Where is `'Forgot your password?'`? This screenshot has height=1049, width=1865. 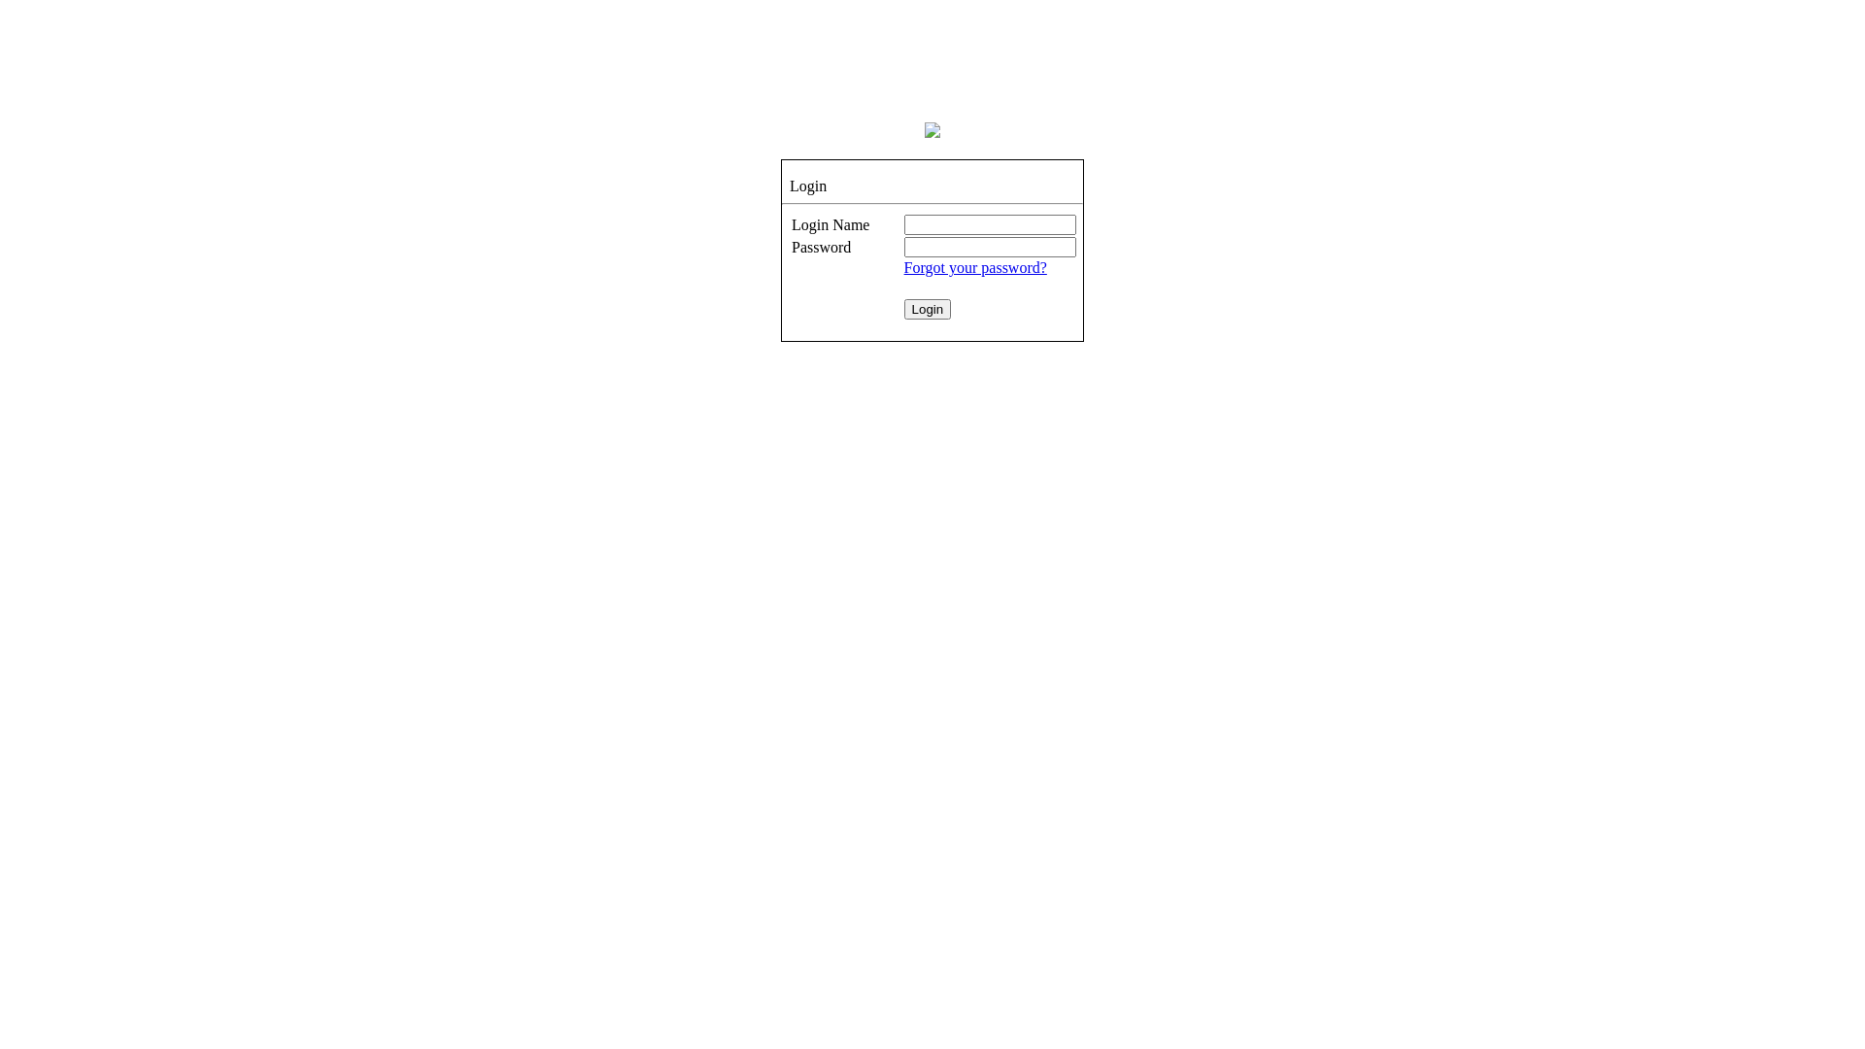 'Forgot your password?' is located at coordinates (975, 267).